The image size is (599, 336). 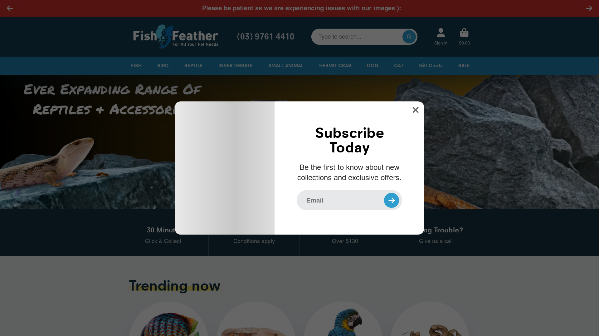 I want to click on 'SALE', so click(x=456, y=66).